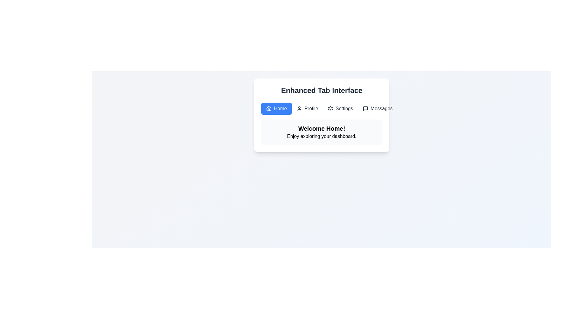 The height and width of the screenshot is (326, 580). I want to click on the text display area that presents information to the user, which features the text 'Welcome Home!' and 'Enjoy exploring your dashboard.', located below the tab navigation, so click(321, 132).